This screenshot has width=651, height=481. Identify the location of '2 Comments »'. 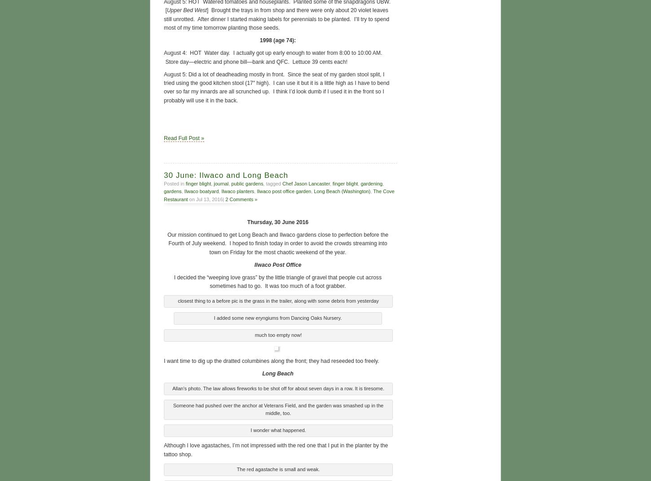
(225, 198).